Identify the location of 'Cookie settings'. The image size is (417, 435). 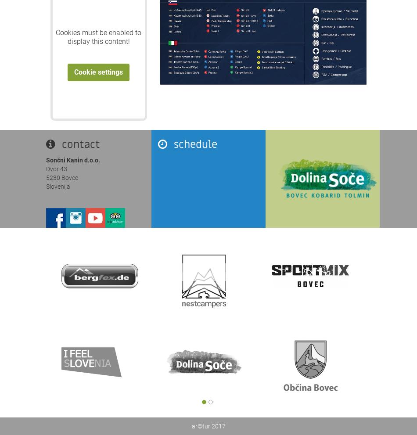
(98, 72).